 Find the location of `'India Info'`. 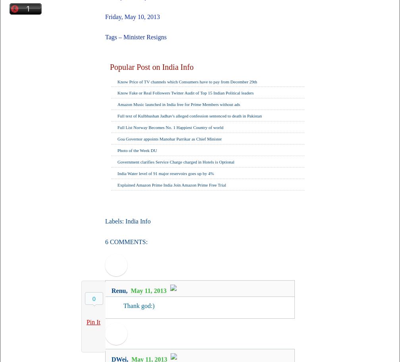

'India Info' is located at coordinates (138, 221).